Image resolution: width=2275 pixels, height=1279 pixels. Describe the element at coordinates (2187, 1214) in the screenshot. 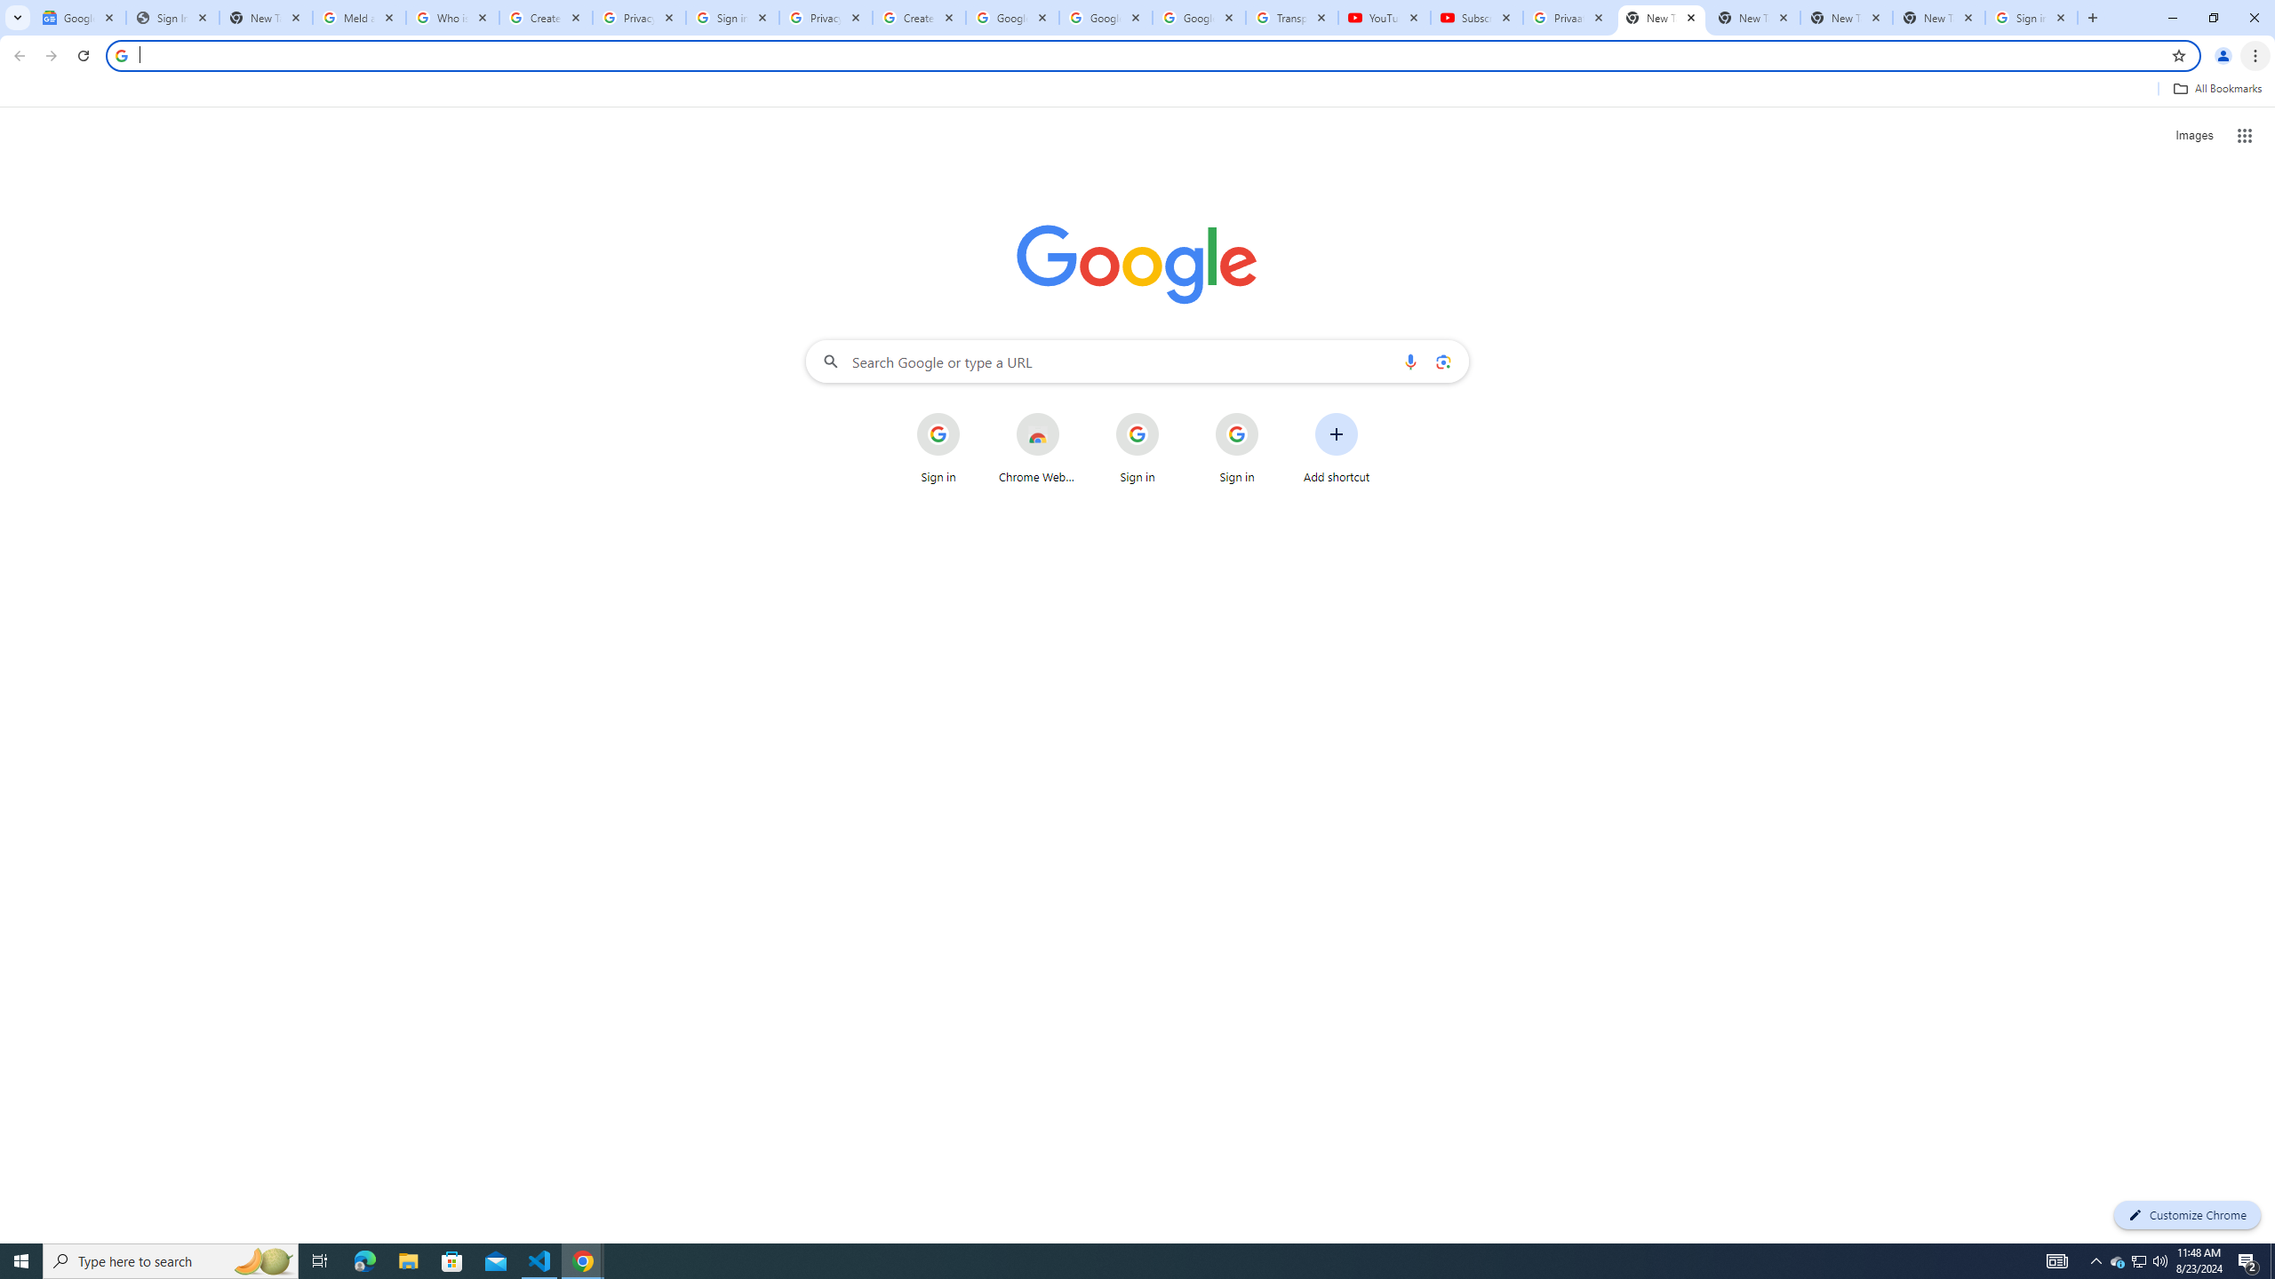

I see `'Customize Chrome'` at that location.